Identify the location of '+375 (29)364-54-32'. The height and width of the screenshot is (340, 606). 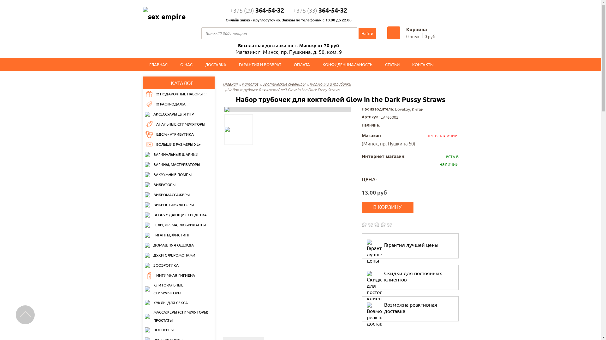
(257, 10).